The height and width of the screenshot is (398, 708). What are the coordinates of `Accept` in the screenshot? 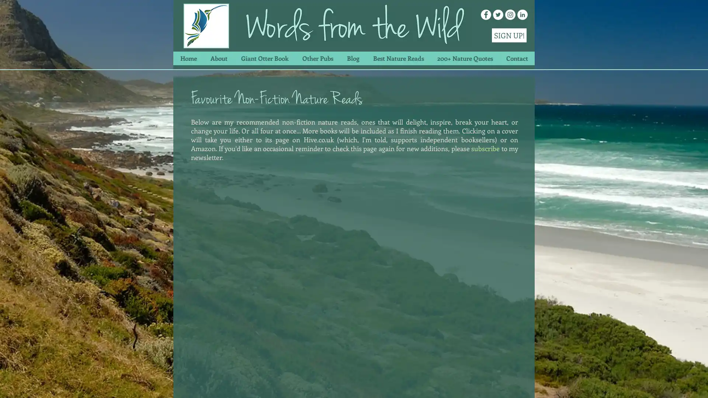 It's located at (675, 385).